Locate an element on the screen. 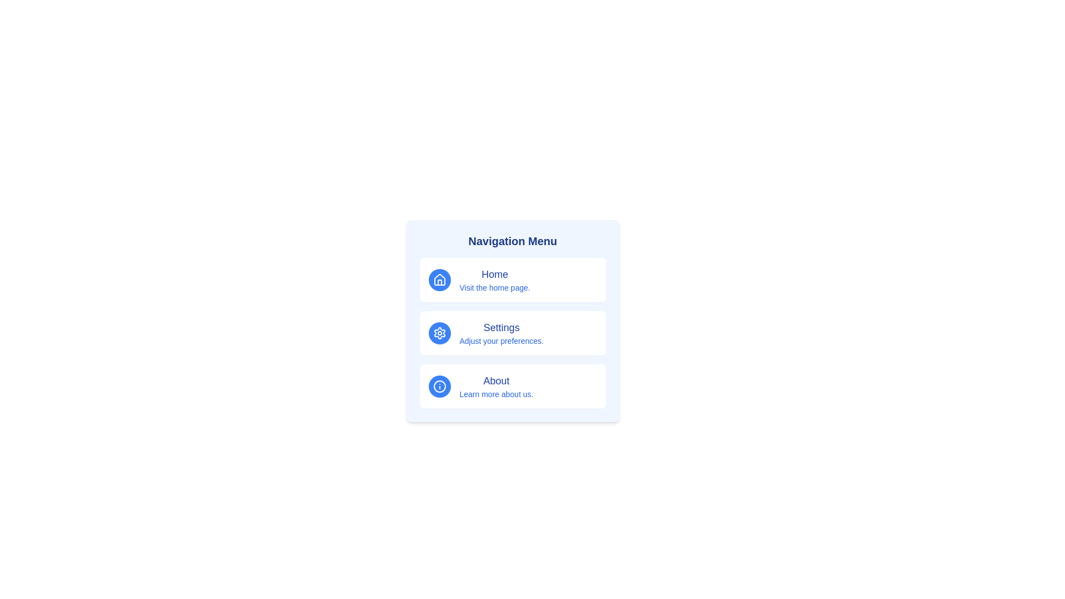  the 'Settings' button in the vertical navigation menu, which features a rounded rectangular card with a white background, a blue circular icon on the left, and bold blue text reading 'Settings' is located at coordinates (512, 333).